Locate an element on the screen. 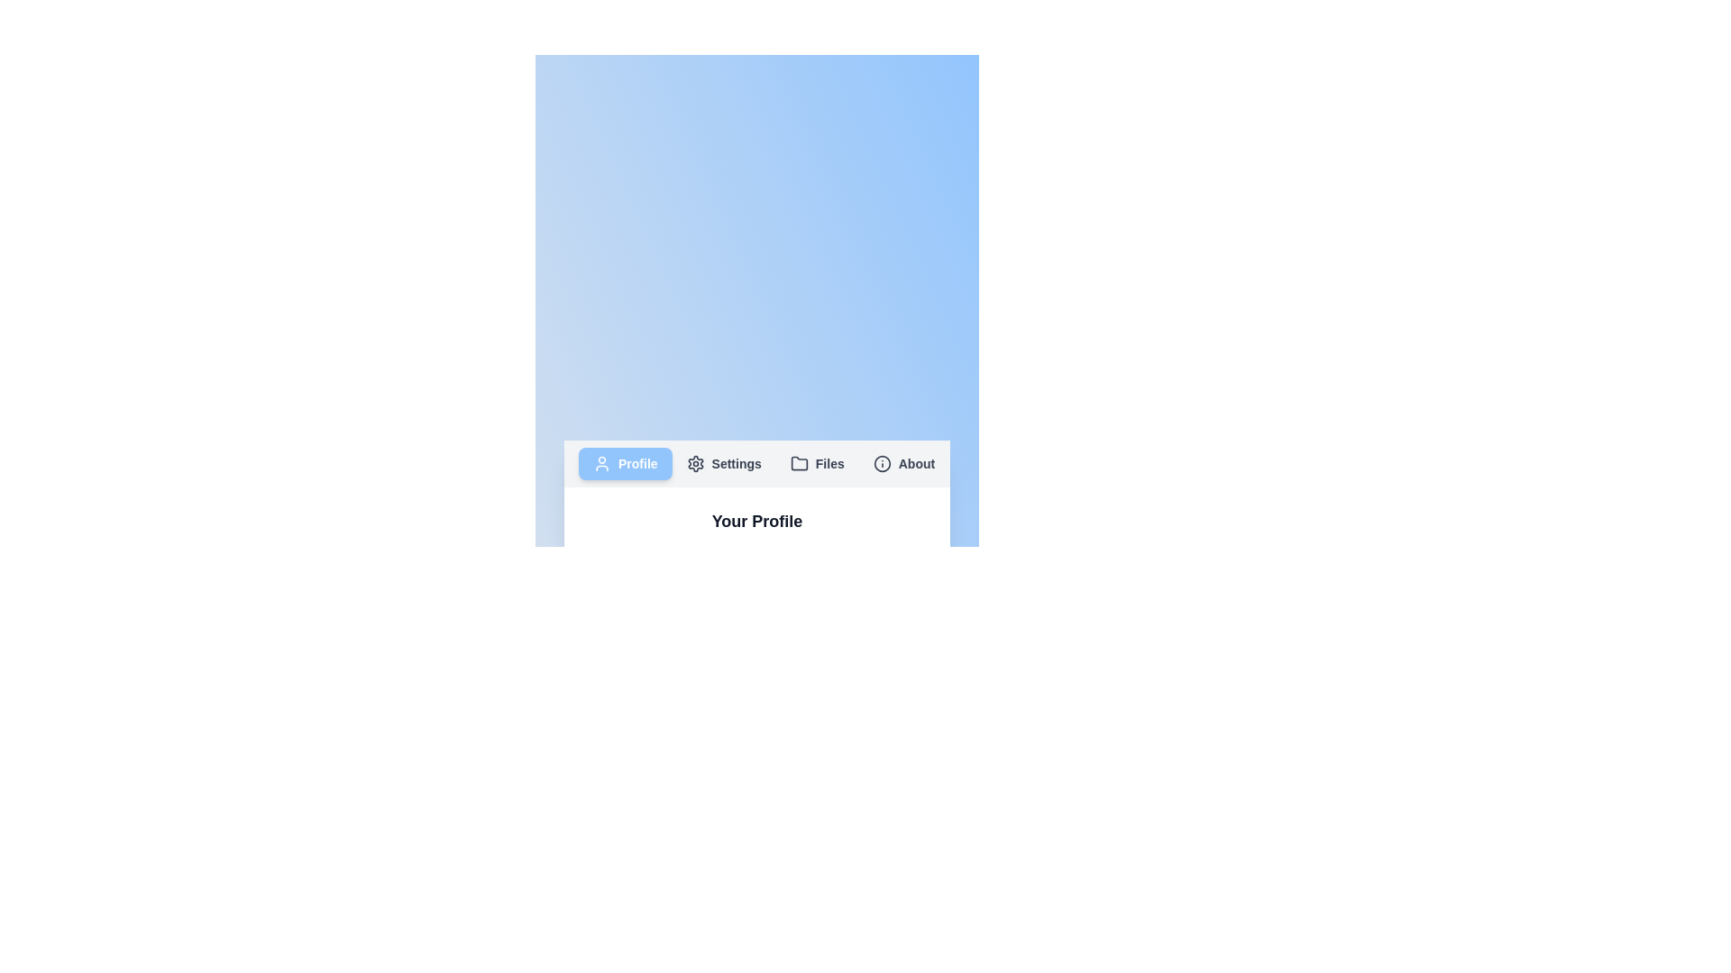 This screenshot has height=973, width=1731. the 'Profile' button is located at coordinates (601, 463).